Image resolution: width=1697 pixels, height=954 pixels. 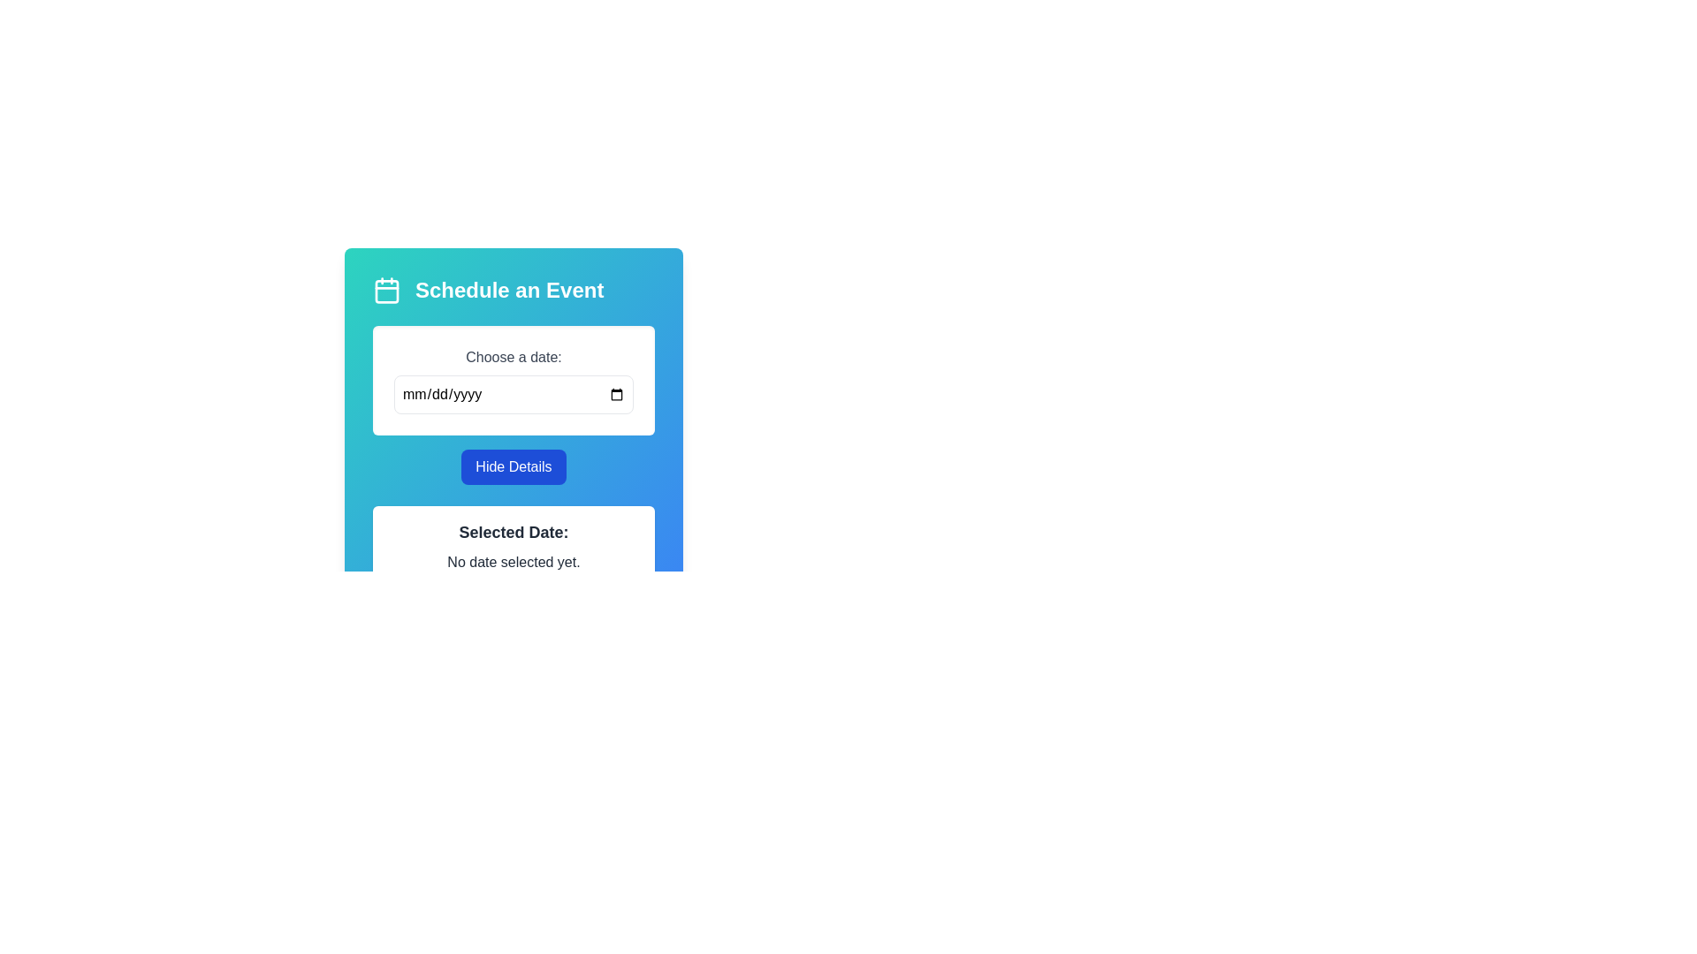 What do you see at coordinates (385, 291) in the screenshot?
I see `the main body of the calendar icon represented by the SVG rectangle, located beside the 'Schedule an Event' header` at bounding box center [385, 291].